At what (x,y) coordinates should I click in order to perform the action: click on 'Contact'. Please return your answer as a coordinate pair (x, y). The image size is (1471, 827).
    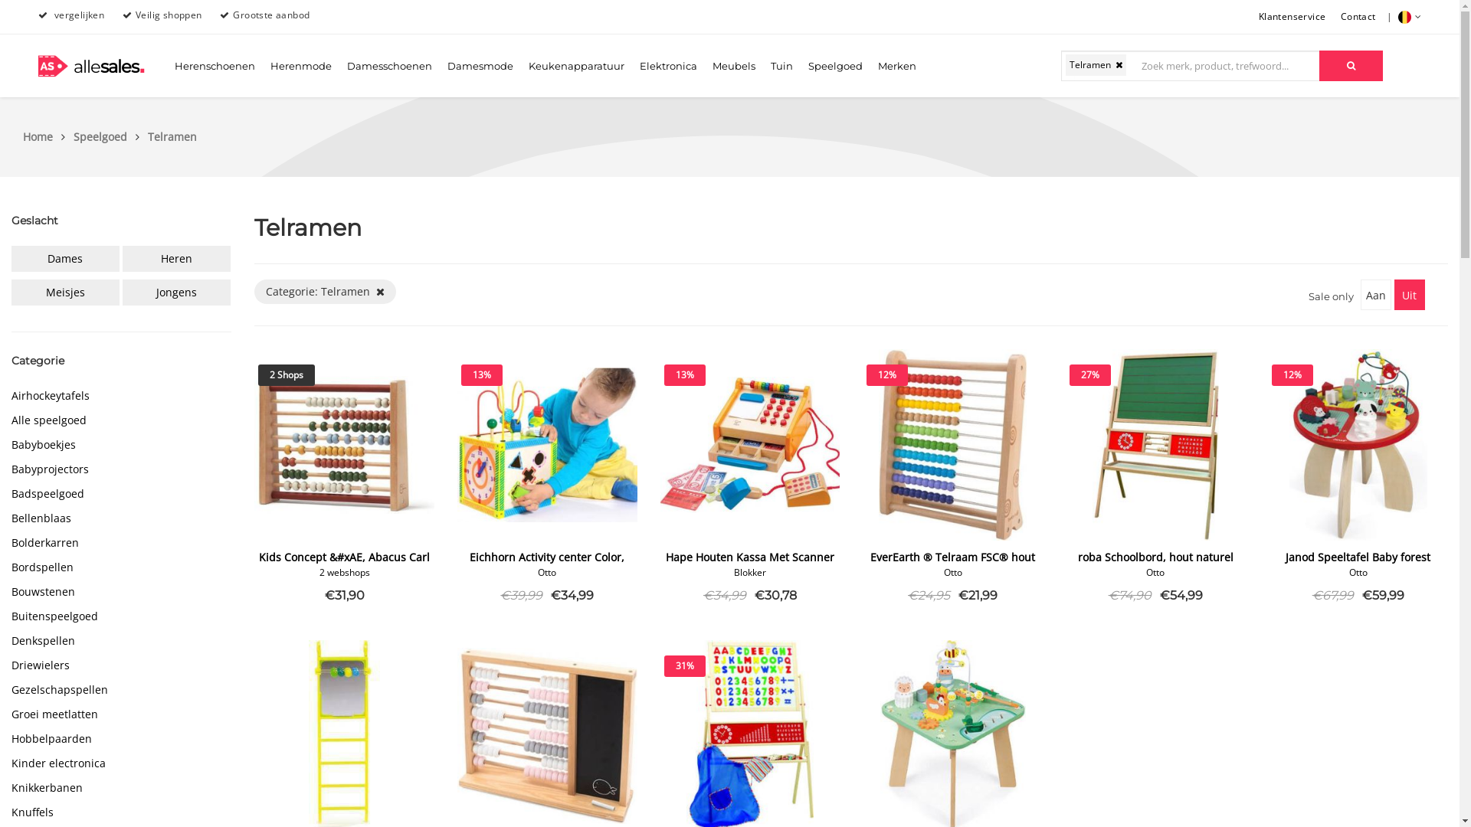
    Looking at the image, I should click on (1358, 17).